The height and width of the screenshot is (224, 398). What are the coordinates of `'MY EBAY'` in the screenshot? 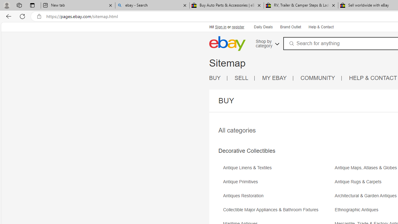 It's located at (277, 78).